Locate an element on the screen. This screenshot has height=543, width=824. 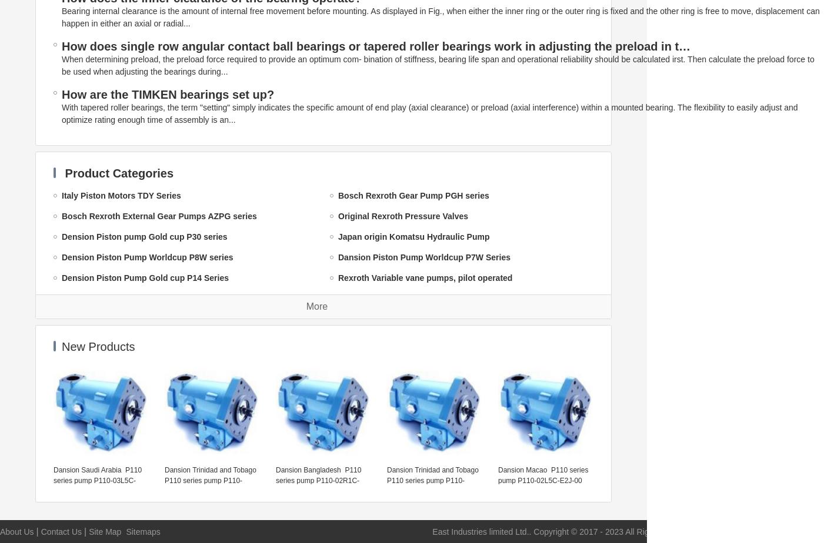
'Yuken accessories' is located at coordinates (61, 462).